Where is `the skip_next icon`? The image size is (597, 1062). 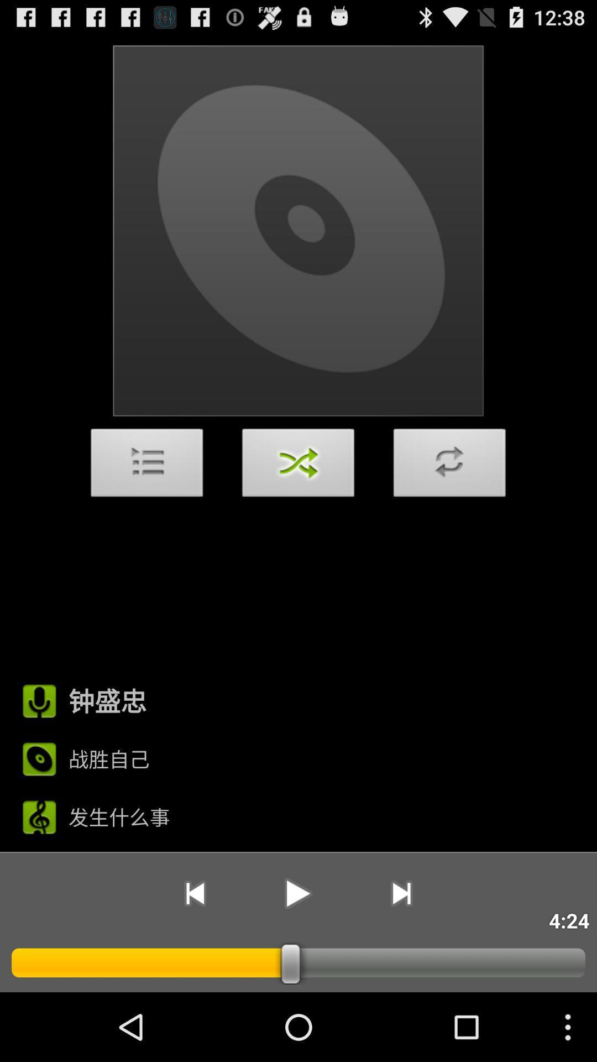 the skip_next icon is located at coordinates (401, 955).